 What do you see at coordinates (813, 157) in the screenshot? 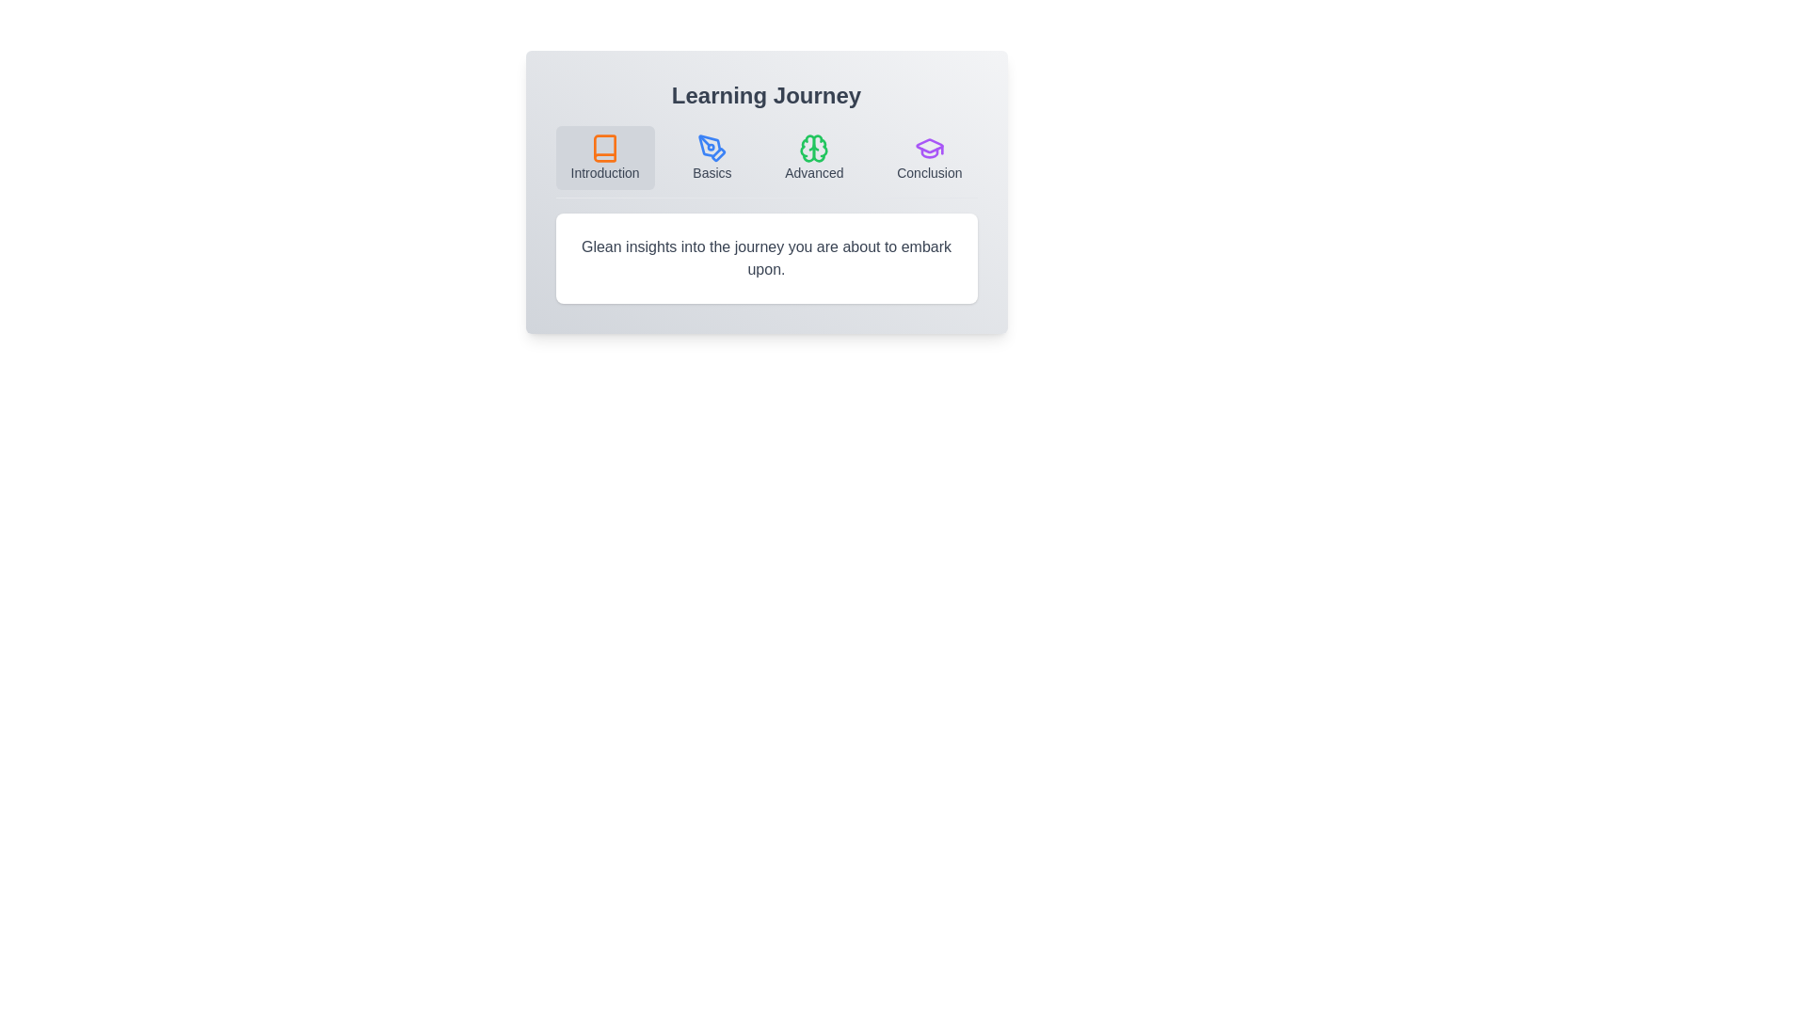
I see `the Advanced button to highlight it` at bounding box center [813, 157].